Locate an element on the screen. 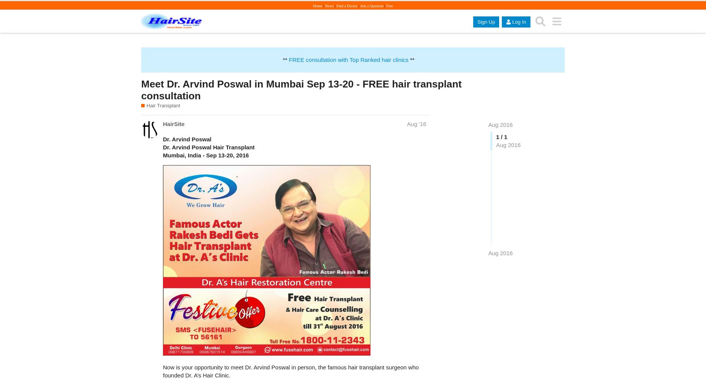  '1_image2217.jpg' is located at coordinates (196, 349).